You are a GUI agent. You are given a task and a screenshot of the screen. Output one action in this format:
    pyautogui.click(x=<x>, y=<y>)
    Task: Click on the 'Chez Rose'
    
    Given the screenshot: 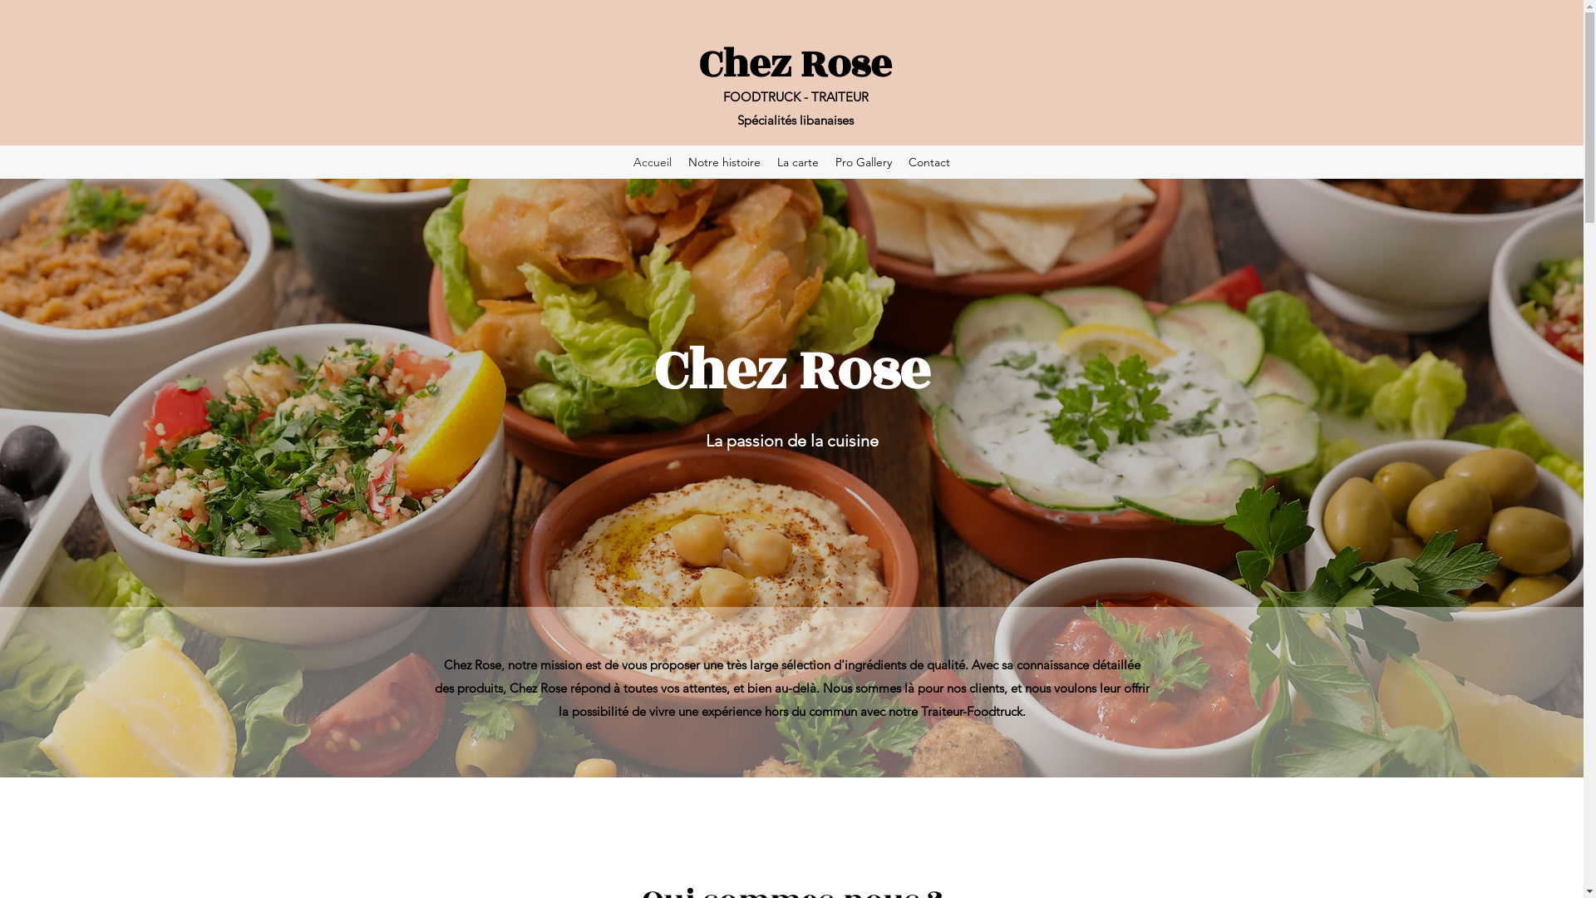 What is the action you would take?
    pyautogui.click(x=794, y=63)
    